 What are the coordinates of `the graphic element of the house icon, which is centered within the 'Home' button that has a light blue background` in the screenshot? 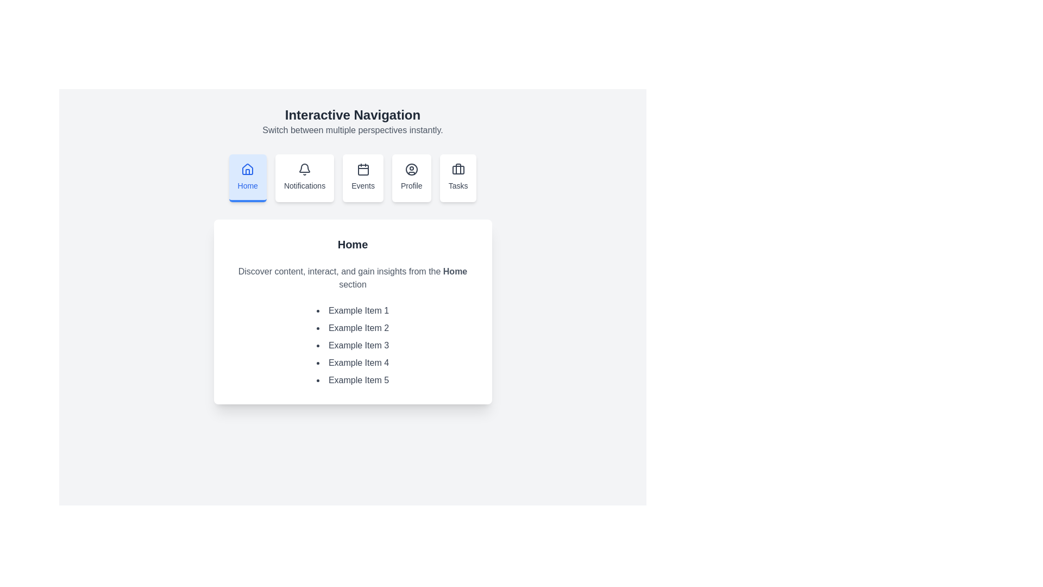 It's located at (247, 171).